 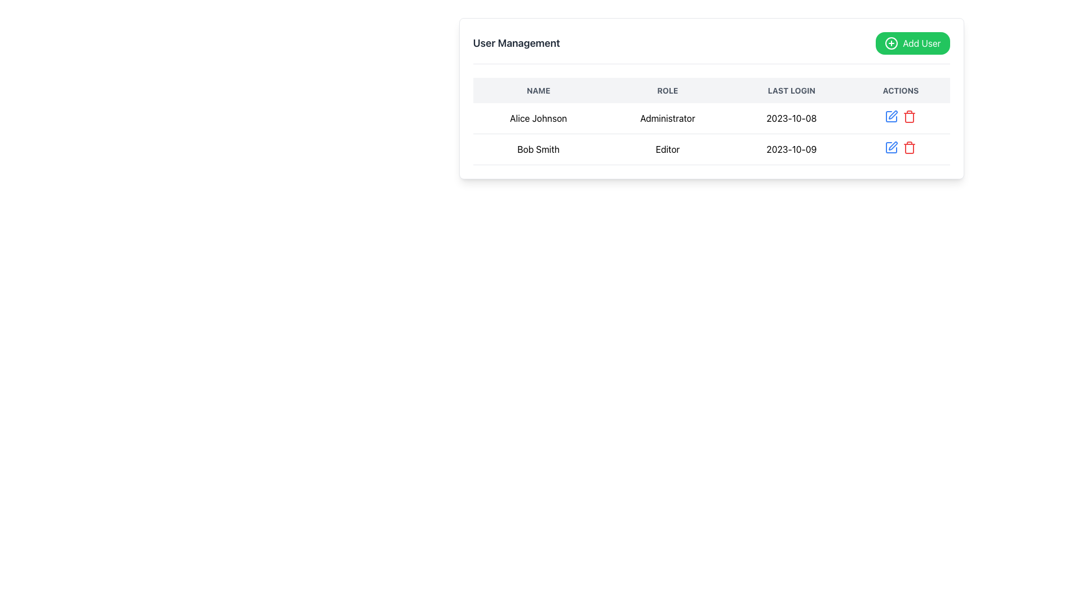 I want to click on the edit icon button in the 'ACTIONS' column of the second row in the user management table, so click(x=891, y=147).